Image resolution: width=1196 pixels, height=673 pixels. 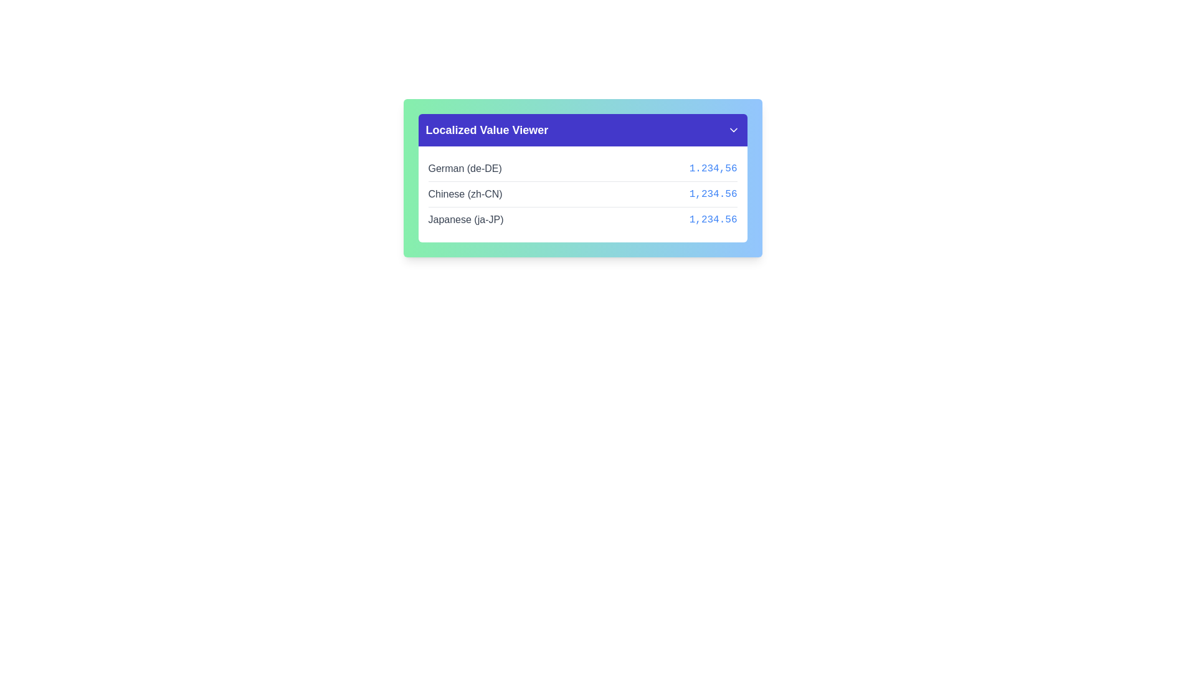 I want to click on the second Key-Value Pair Row displaying a language locale and numeric value, located between 'German (de-DE)' and 'Japanese (ja-JP)', so click(x=582, y=194).